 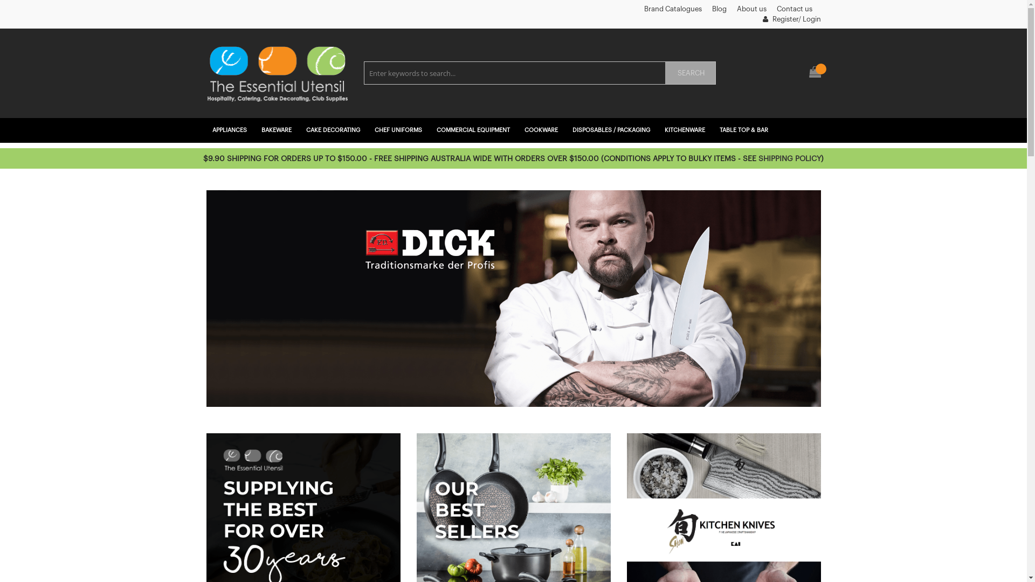 What do you see at coordinates (399, 130) in the screenshot?
I see `'CHEF UNIFORMS'` at bounding box center [399, 130].